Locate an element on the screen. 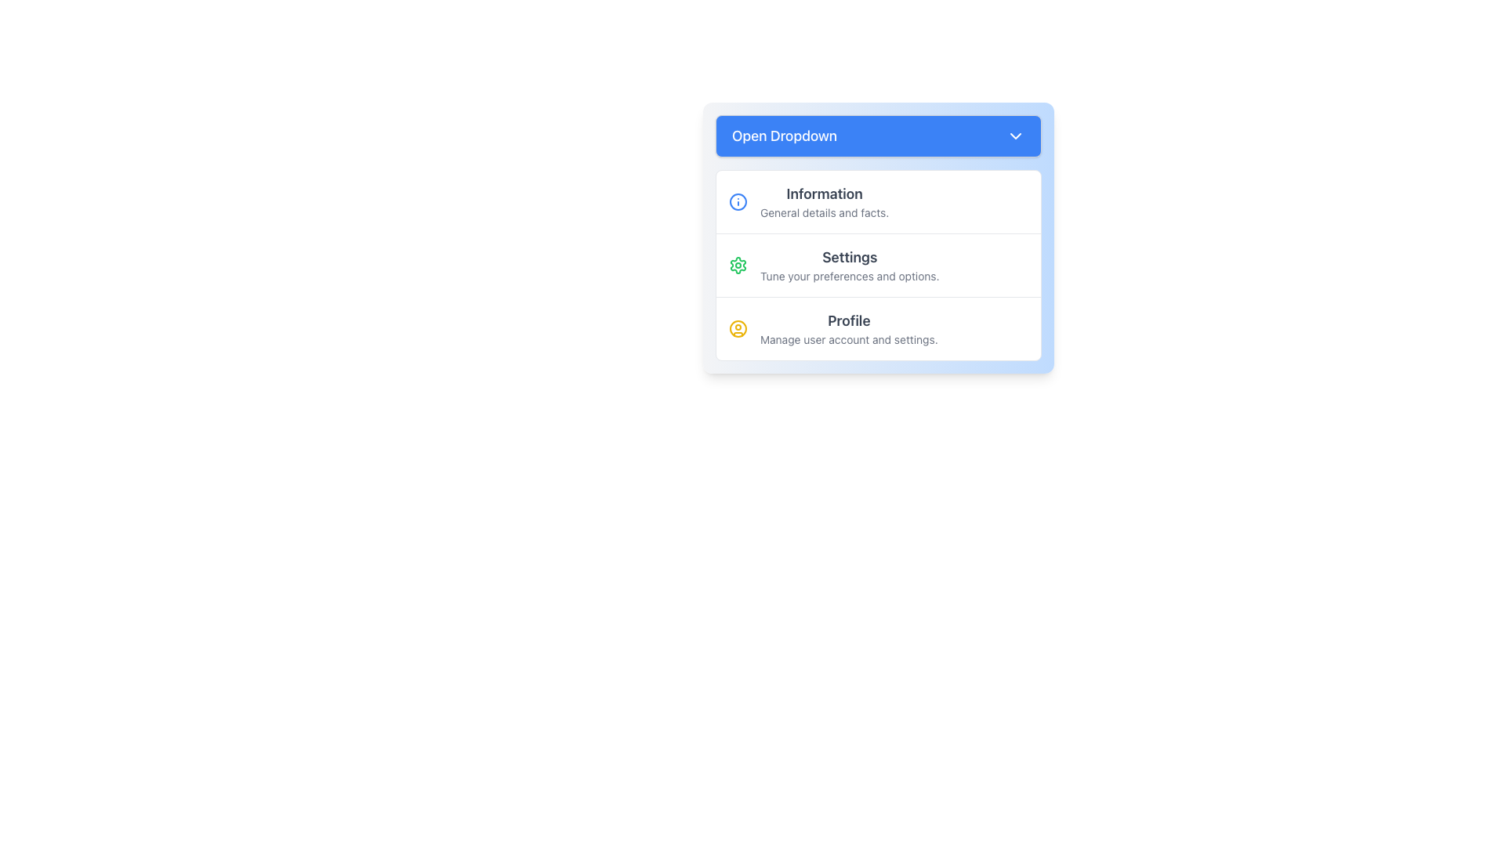  displayed text from the 'Information' textual content block, which includes a bold header and a subtext line, located as the first item in the dropdown menu below 'Open Dropdown' is located at coordinates (824, 201).